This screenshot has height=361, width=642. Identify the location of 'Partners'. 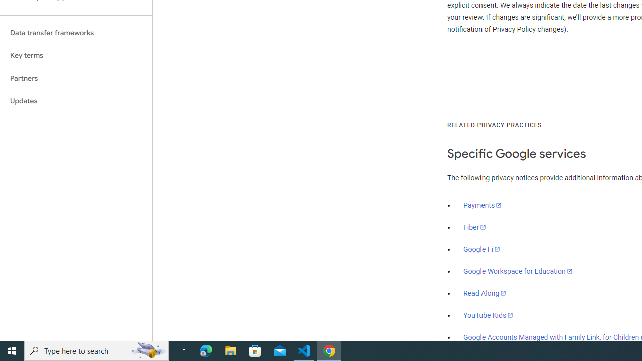
(76, 78).